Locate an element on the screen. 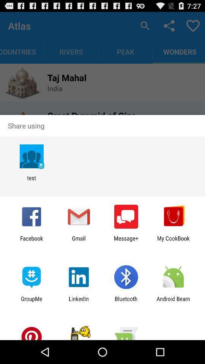 The height and width of the screenshot is (364, 205). item next to facebook item is located at coordinates (78, 241).